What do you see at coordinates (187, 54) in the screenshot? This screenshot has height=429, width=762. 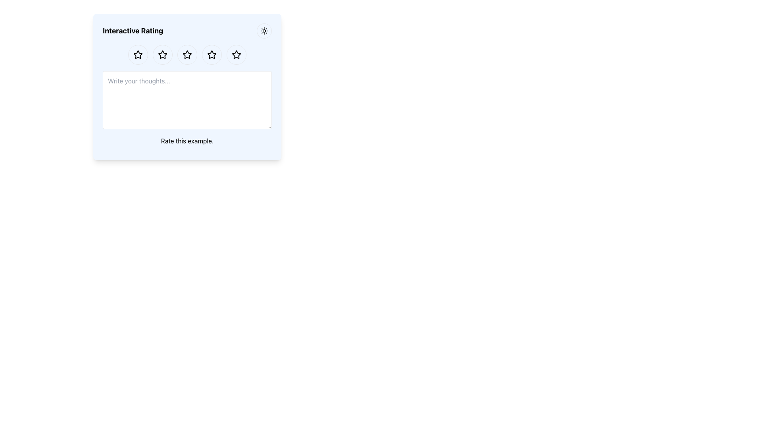 I see `the third star icon in the rating component` at bounding box center [187, 54].